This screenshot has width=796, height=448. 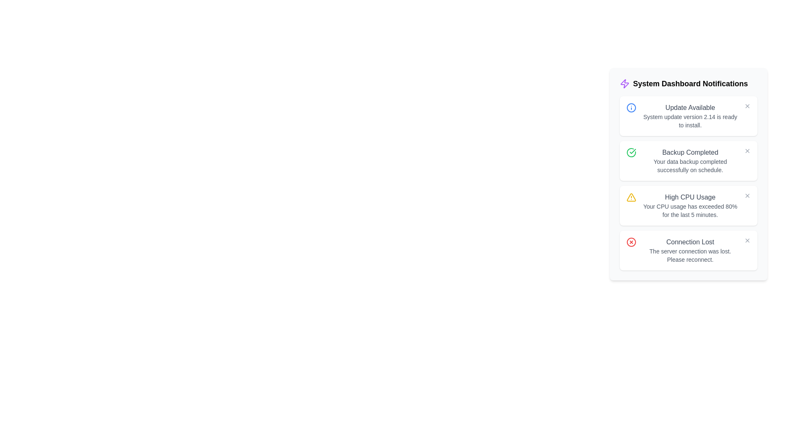 What do you see at coordinates (690, 121) in the screenshot?
I see `text block displaying the message 'System update version 2.14 is ready to install.' located in the first notification card within the 'System Dashboard Notifications' section, positioned below the title 'Update Available'` at bounding box center [690, 121].